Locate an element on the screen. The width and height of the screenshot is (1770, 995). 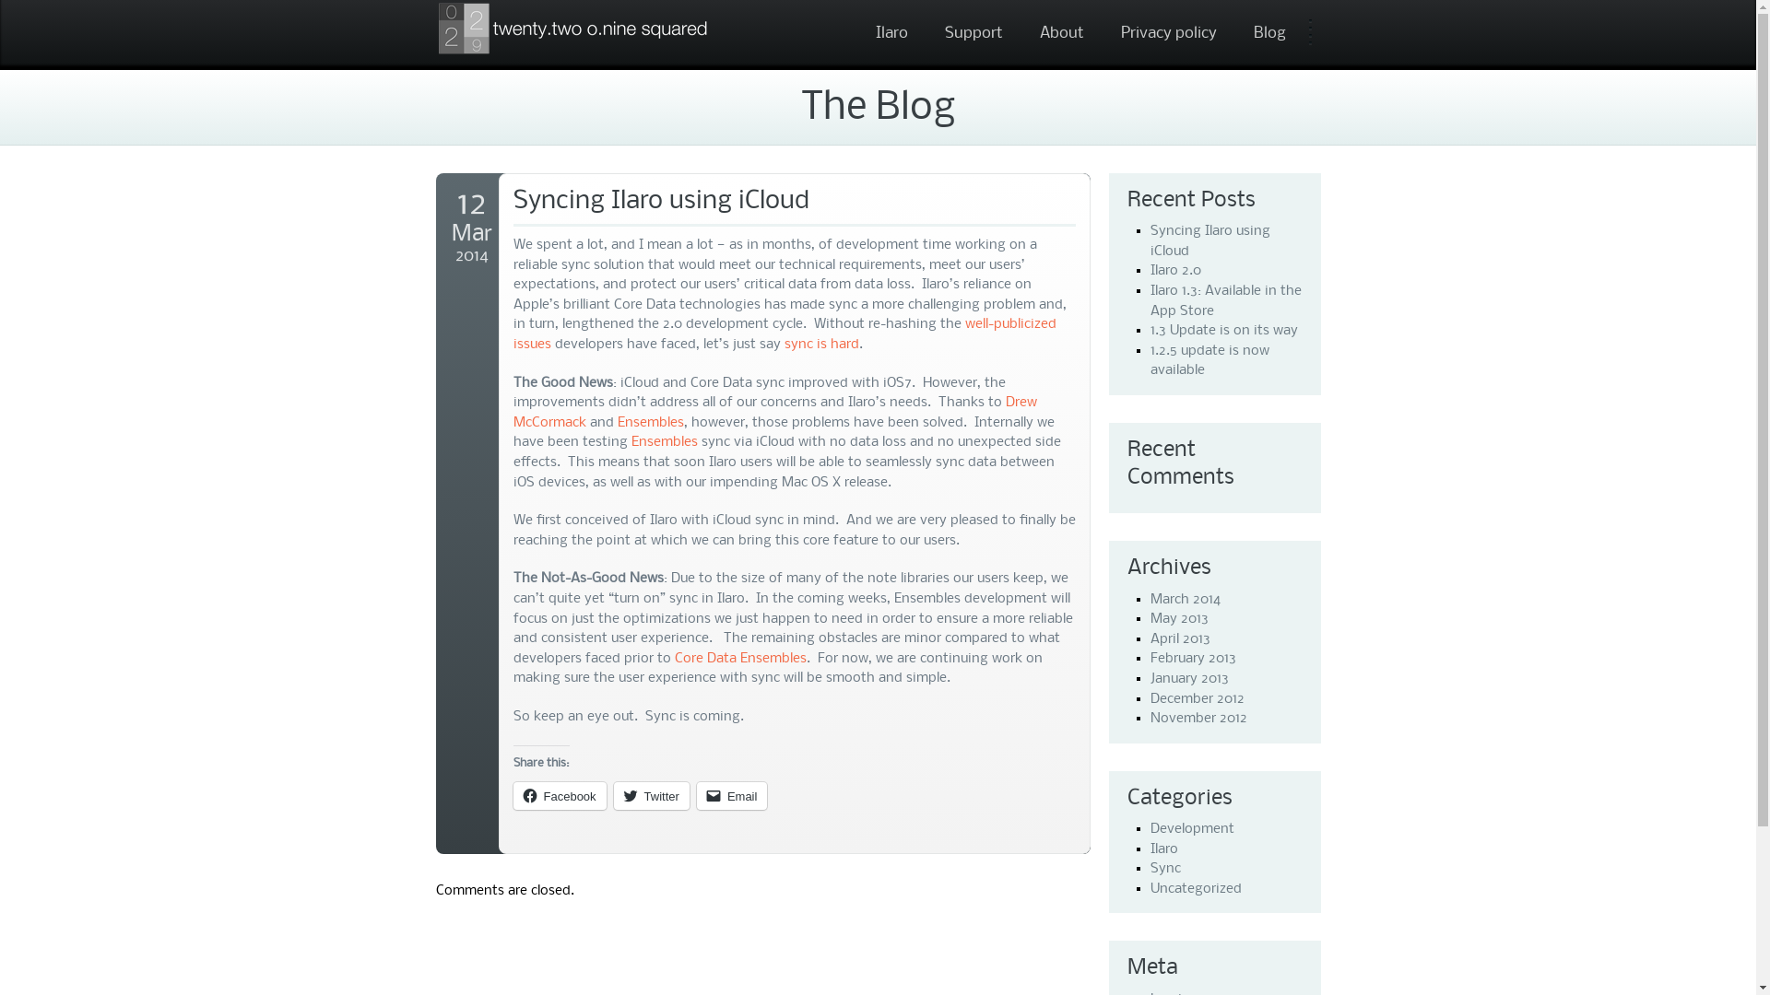
'Support' is located at coordinates (930, 32).